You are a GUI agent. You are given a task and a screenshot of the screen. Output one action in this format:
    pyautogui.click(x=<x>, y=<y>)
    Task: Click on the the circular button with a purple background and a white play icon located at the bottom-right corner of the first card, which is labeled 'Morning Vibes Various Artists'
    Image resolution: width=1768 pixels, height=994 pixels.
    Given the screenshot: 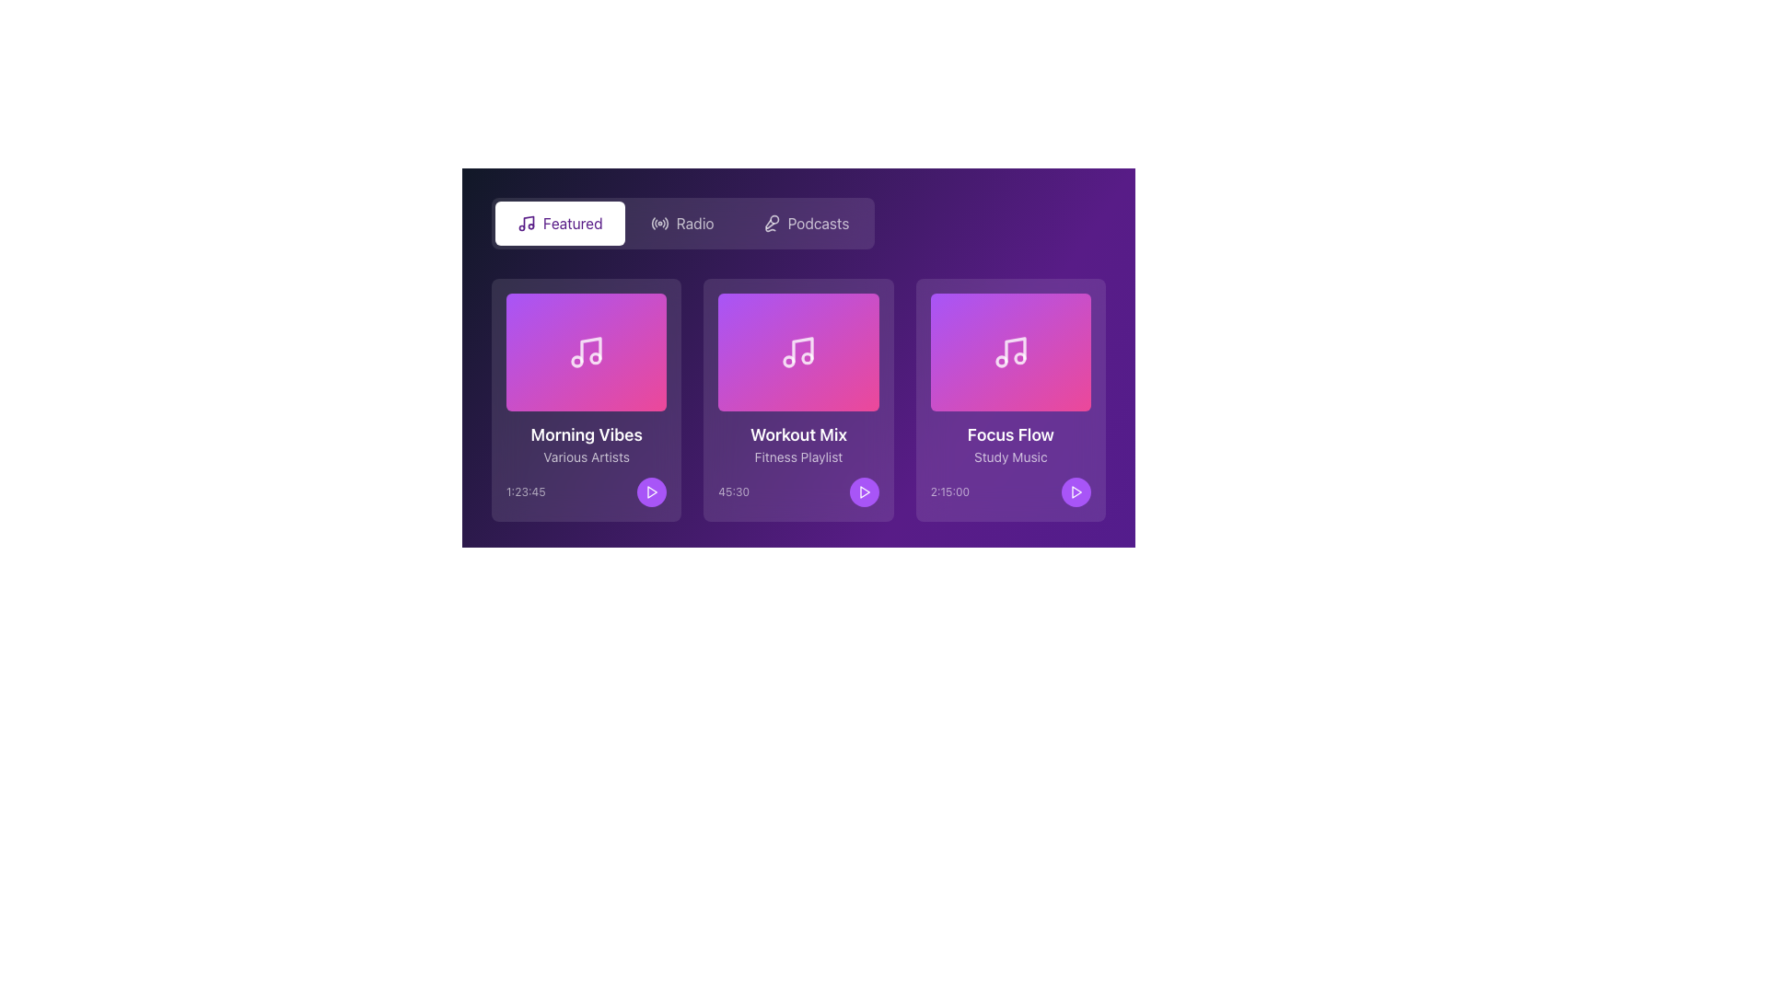 What is the action you would take?
    pyautogui.click(x=652, y=491)
    